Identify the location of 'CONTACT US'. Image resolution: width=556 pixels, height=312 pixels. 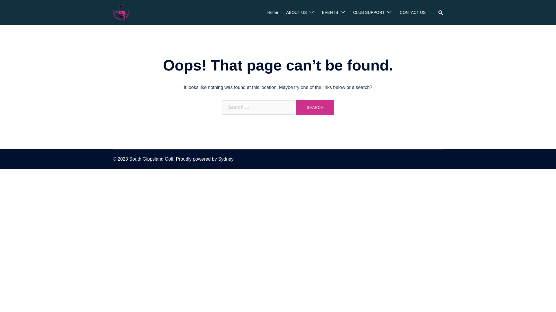
(399, 12).